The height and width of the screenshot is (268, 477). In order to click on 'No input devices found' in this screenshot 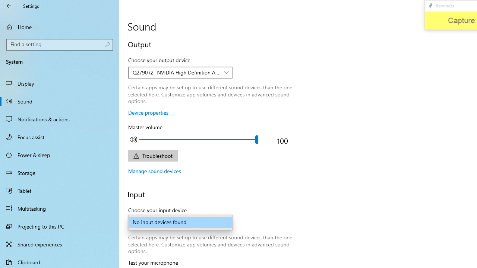, I will do `click(180, 222)`.